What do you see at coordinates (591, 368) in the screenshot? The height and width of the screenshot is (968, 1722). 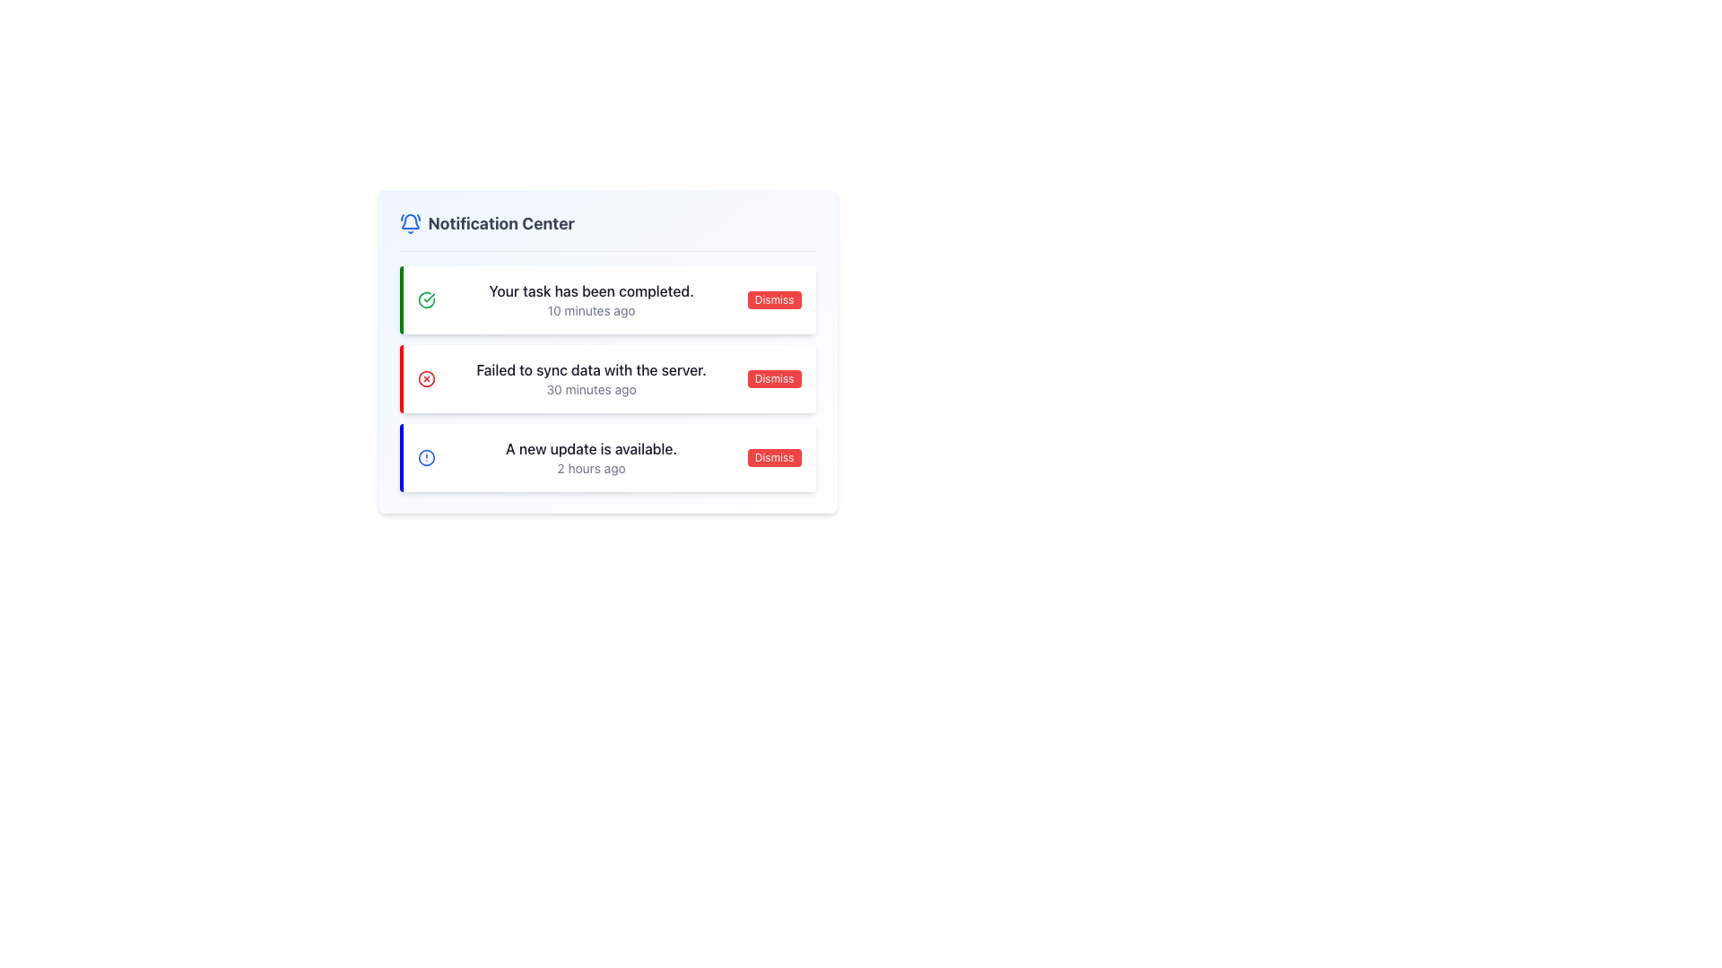 I see `message displayed in the text label that says 'Failed to sync data with the server.'` at bounding box center [591, 368].